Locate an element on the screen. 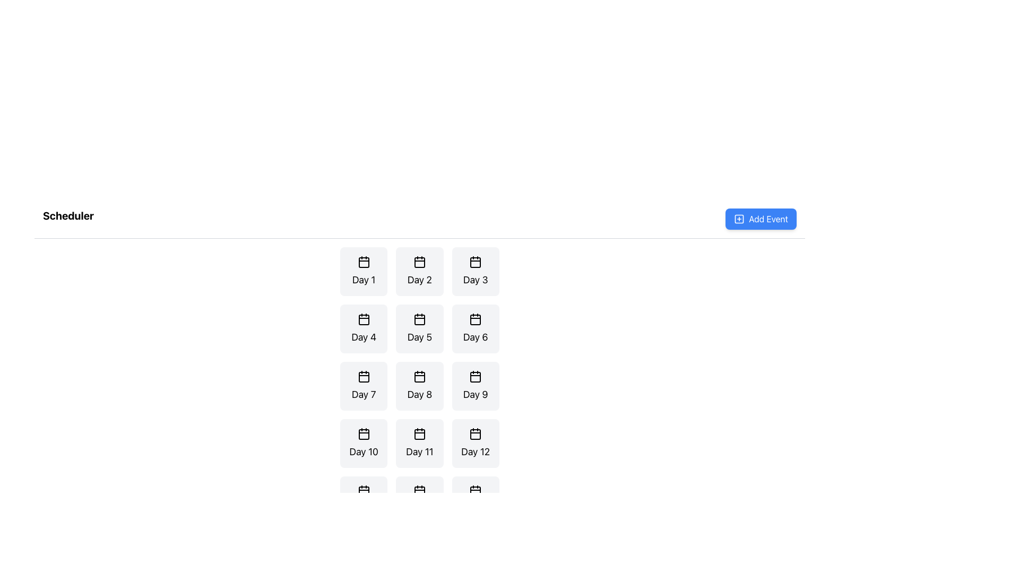  the calendar day icon labeled 'Day 9', located in the third row and third column of the grid layout is located at coordinates (475, 376).